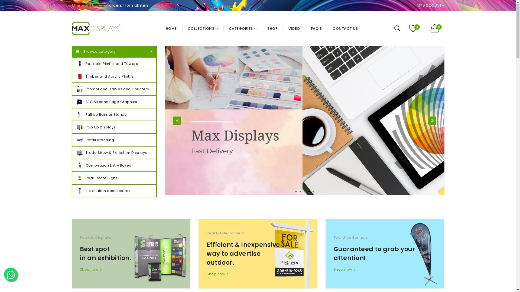  Describe the element at coordinates (174, 28) in the screenshot. I see `'HOME'` at that location.